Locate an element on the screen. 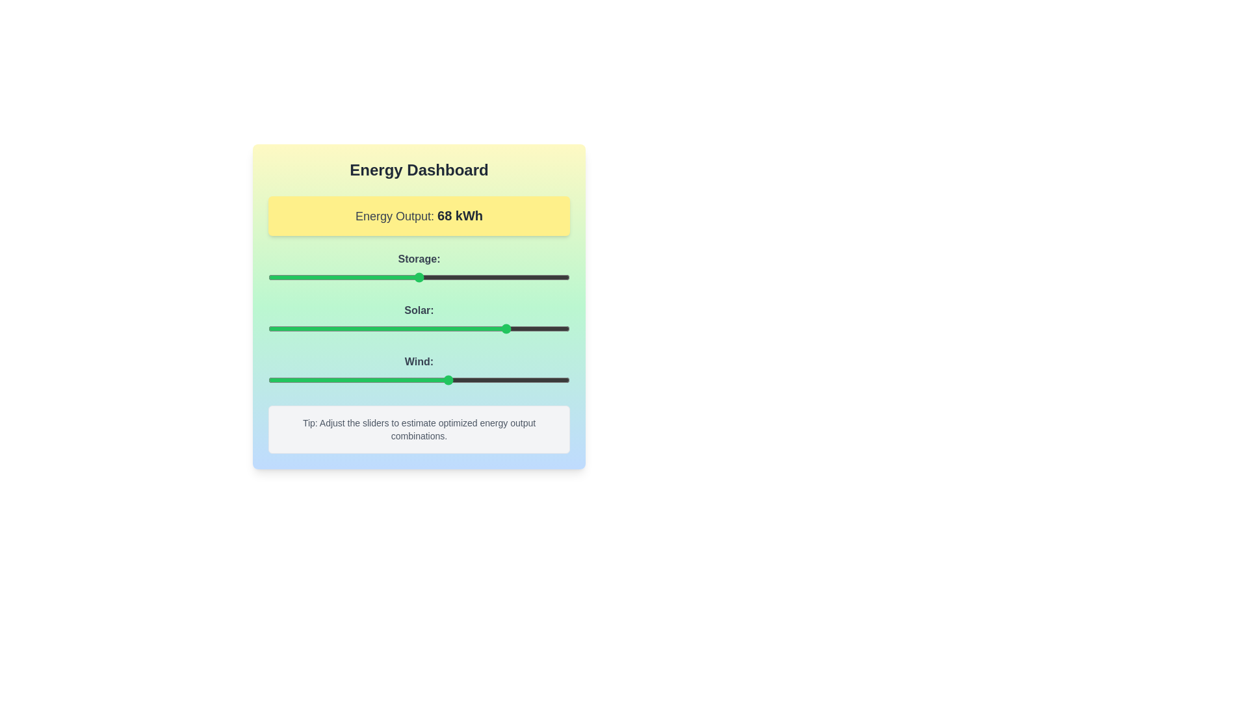 This screenshot has height=702, width=1248. the 'Wind' slider to set its value to 68 is located at coordinates (473, 380).